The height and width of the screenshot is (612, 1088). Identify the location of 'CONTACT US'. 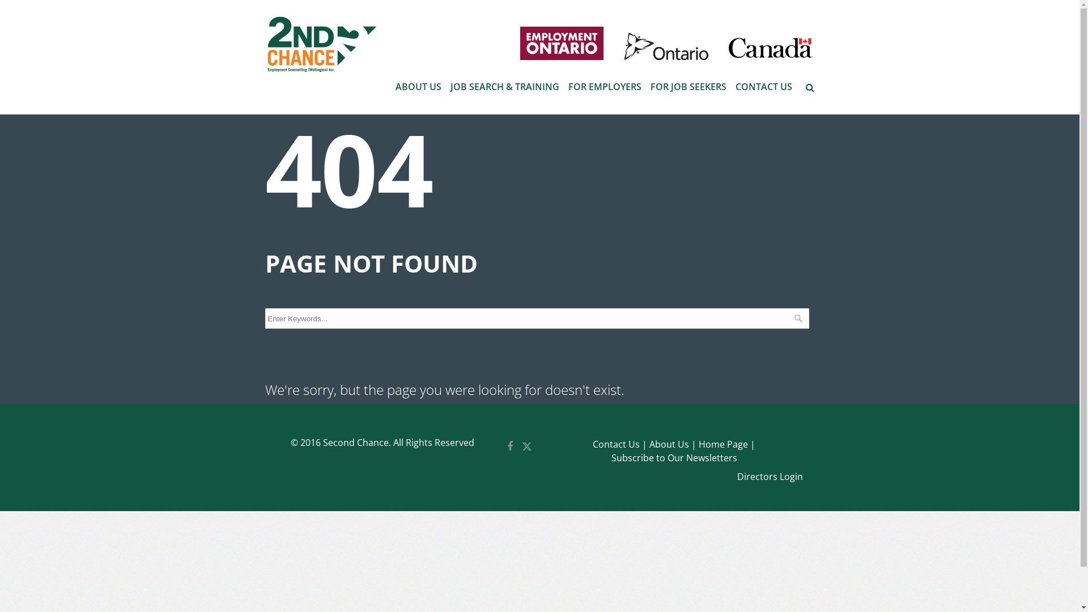
(735, 86).